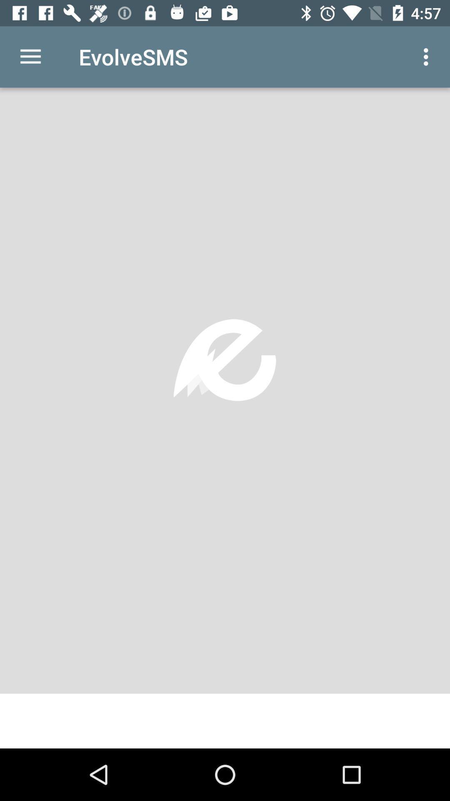 Image resolution: width=450 pixels, height=801 pixels. What do you see at coordinates (30, 56) in the screenshot?
I see `the icon to the left of evolvesms icon` at bounding box center [30, 56].